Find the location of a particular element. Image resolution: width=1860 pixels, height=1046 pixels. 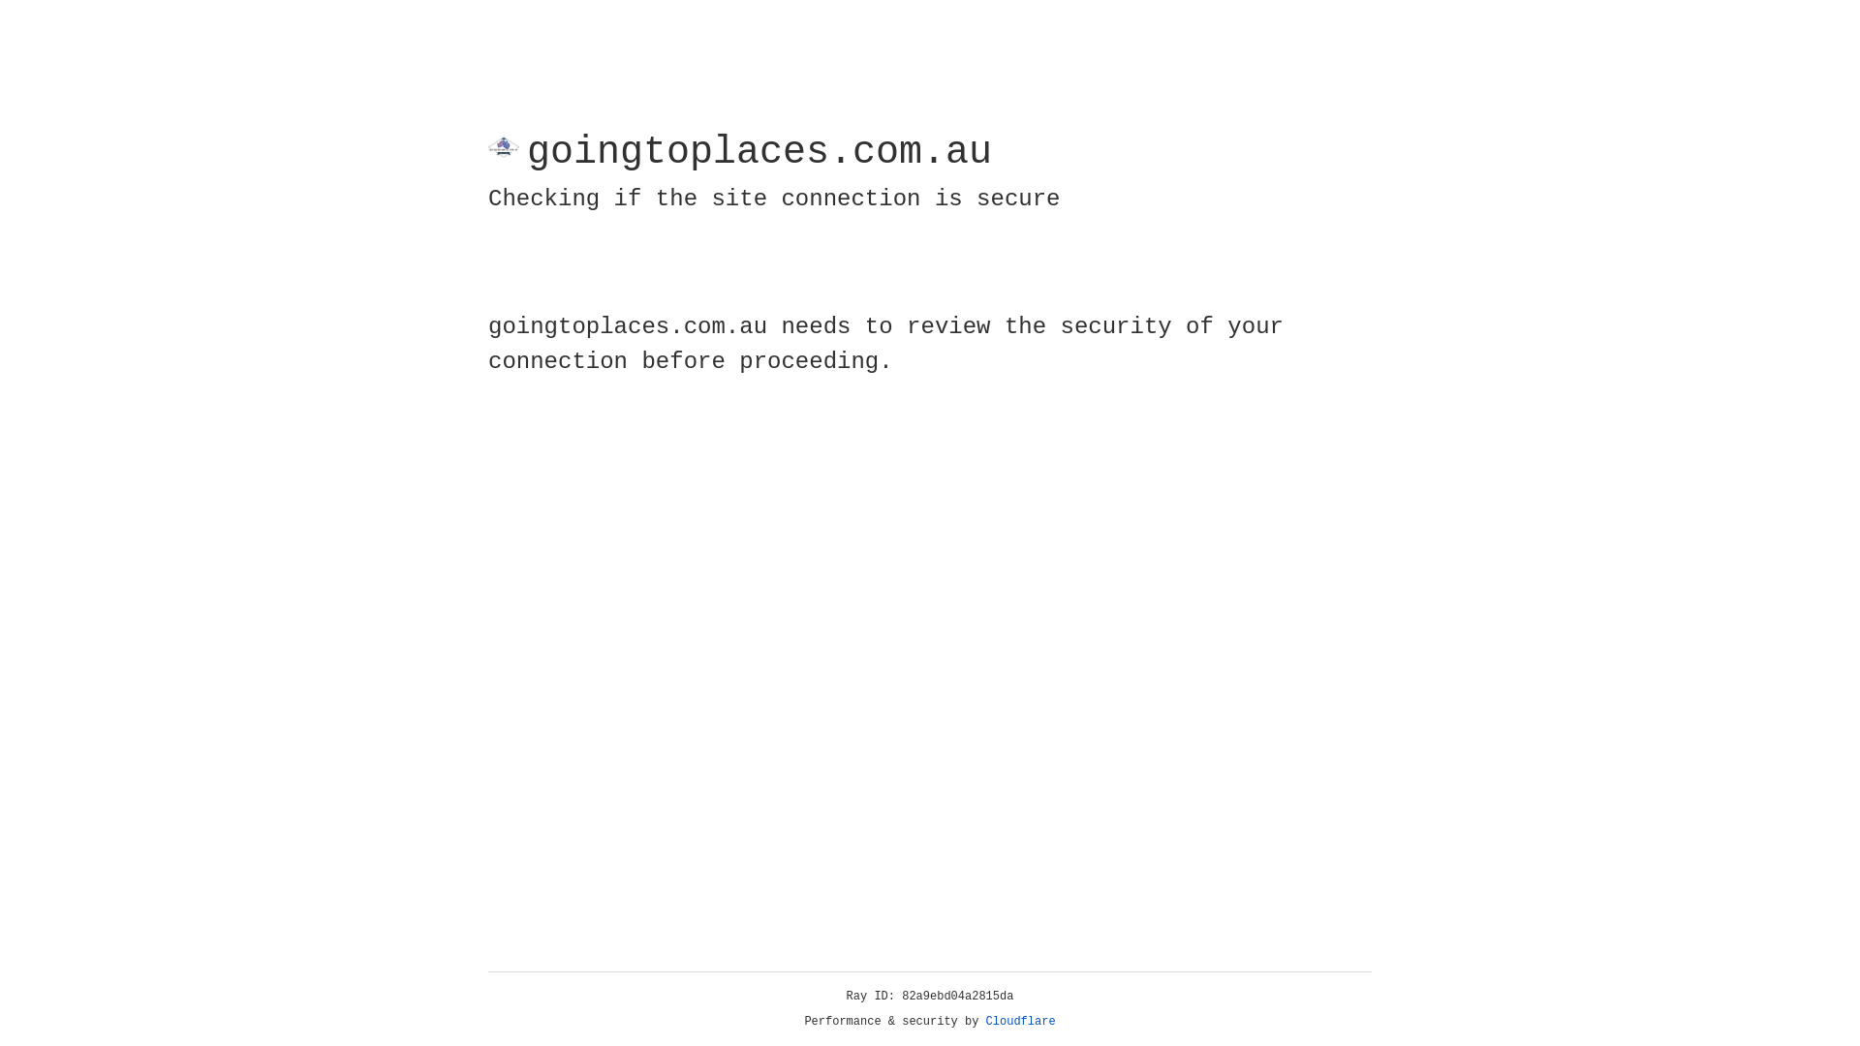

'Cloudflare' is located at coordinates (1020, 1021).